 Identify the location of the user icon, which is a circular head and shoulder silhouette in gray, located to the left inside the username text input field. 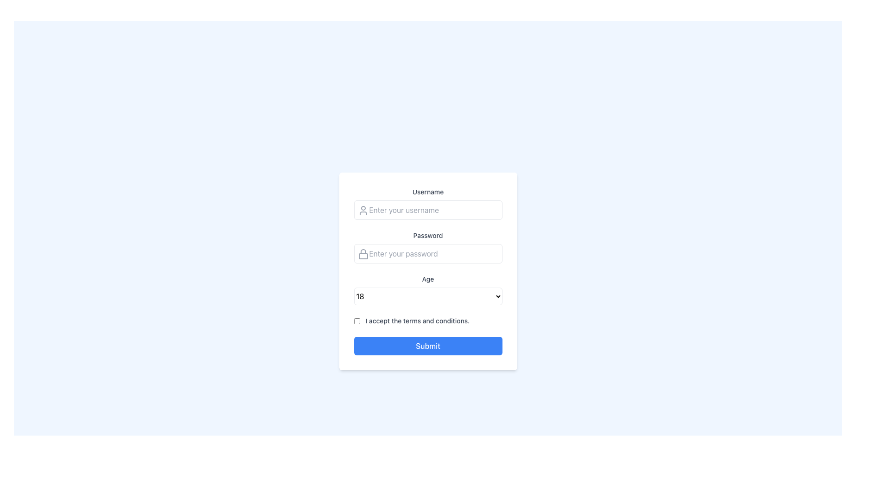
(362, 211).